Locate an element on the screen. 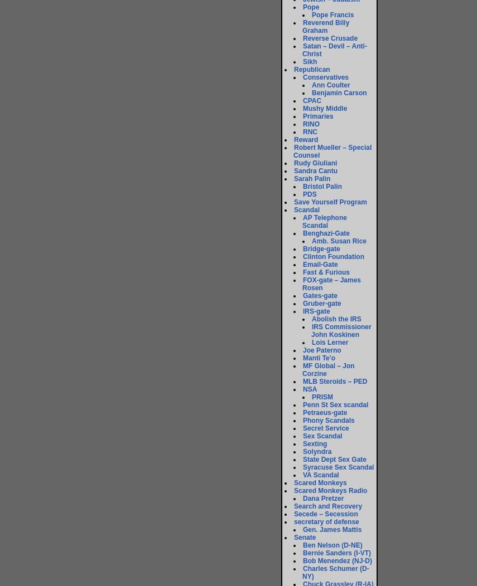 This screenshot has height=586, width=477. 'Charles Schumer (D-NY)' is located at coordinates (335, 572).